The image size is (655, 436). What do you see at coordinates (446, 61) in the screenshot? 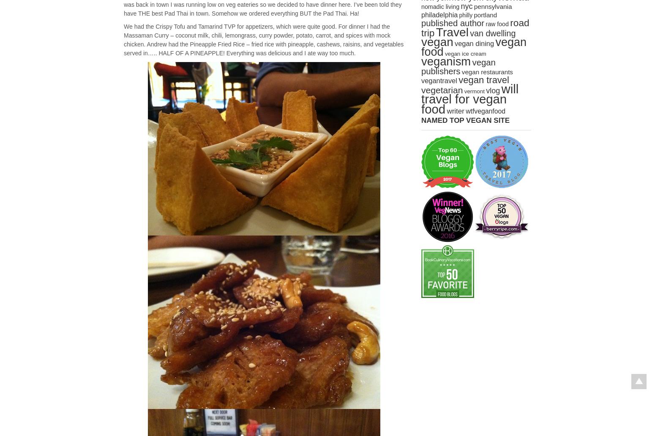
I see `'veganism'` at bounding box center [446, 61].